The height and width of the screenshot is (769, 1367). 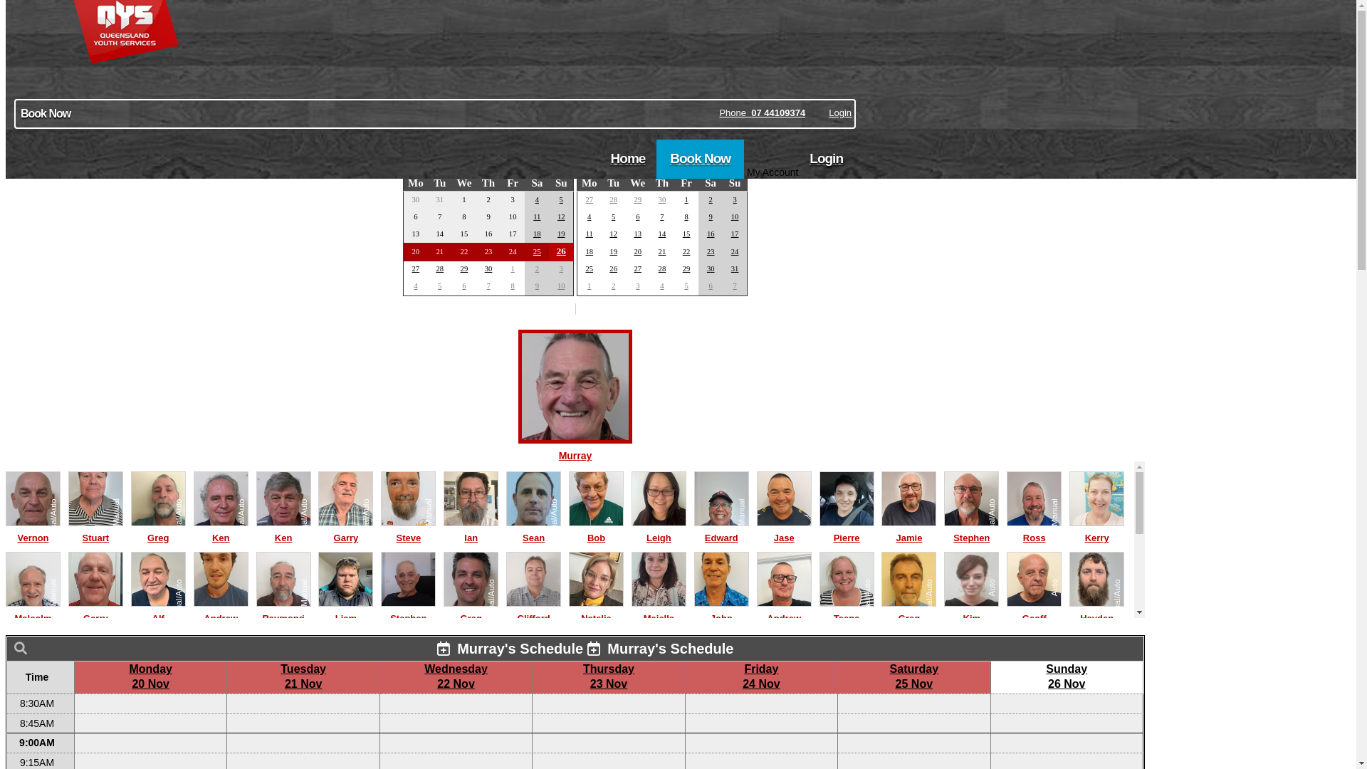 What do you see at coordinates (783, 610) in the screenshot?
I see `'Andrew'` at bounding box center [783, 610].